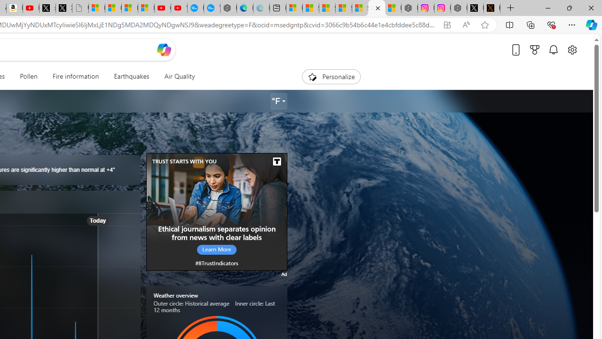 The width and height of the screenshot is (602, 339). What do you see at coordinates (131, 76) in the screenshot?
I see `'Earthquakes'` at bounding box center [131, 76].